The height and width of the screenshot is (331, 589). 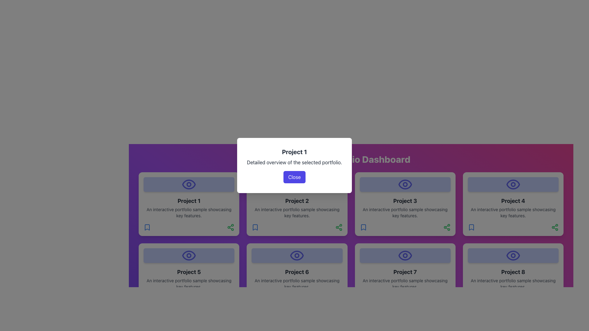 What do you see at coordinates (513, 275) in the screenshot?
I see `the white rounded rectangle card containing a blue eye icon and titled 'Project 8' located in the bottom-right corner of a 3x4 grid layout` at bounding box center [513, 275].